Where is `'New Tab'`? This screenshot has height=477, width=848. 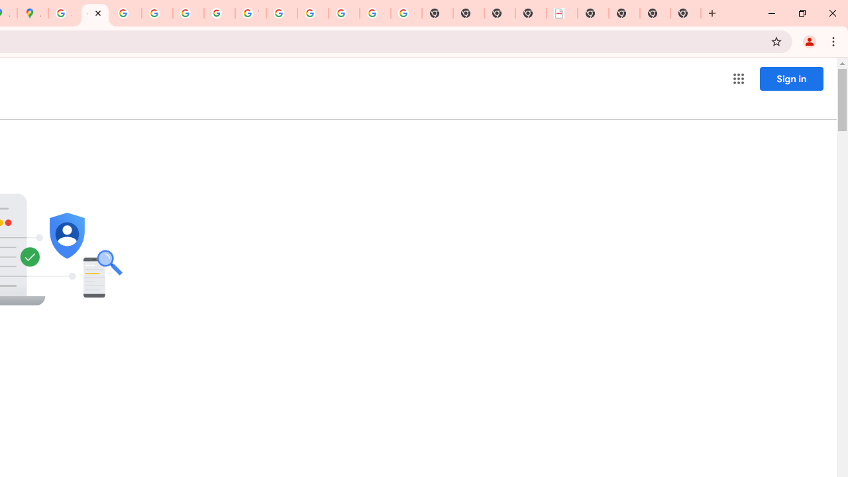 'New Tab' is located at coordinates (686, 13).